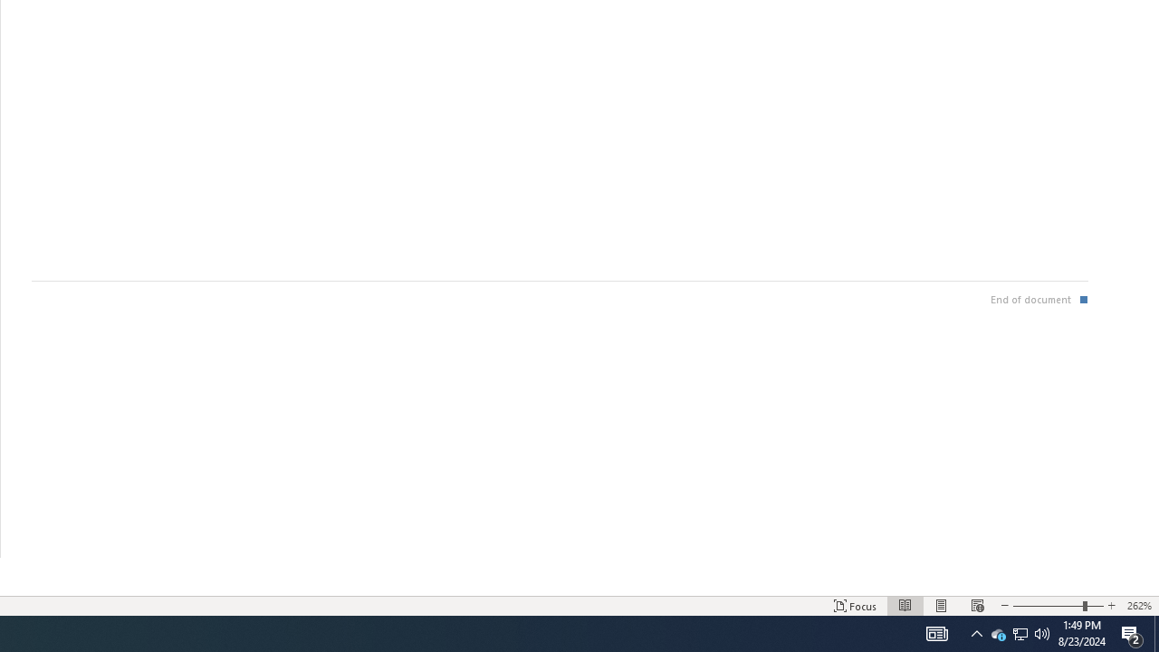 The width and height of the screenshot is (1159, 652). I want to click on 'Print Layout', so click(942, 606).